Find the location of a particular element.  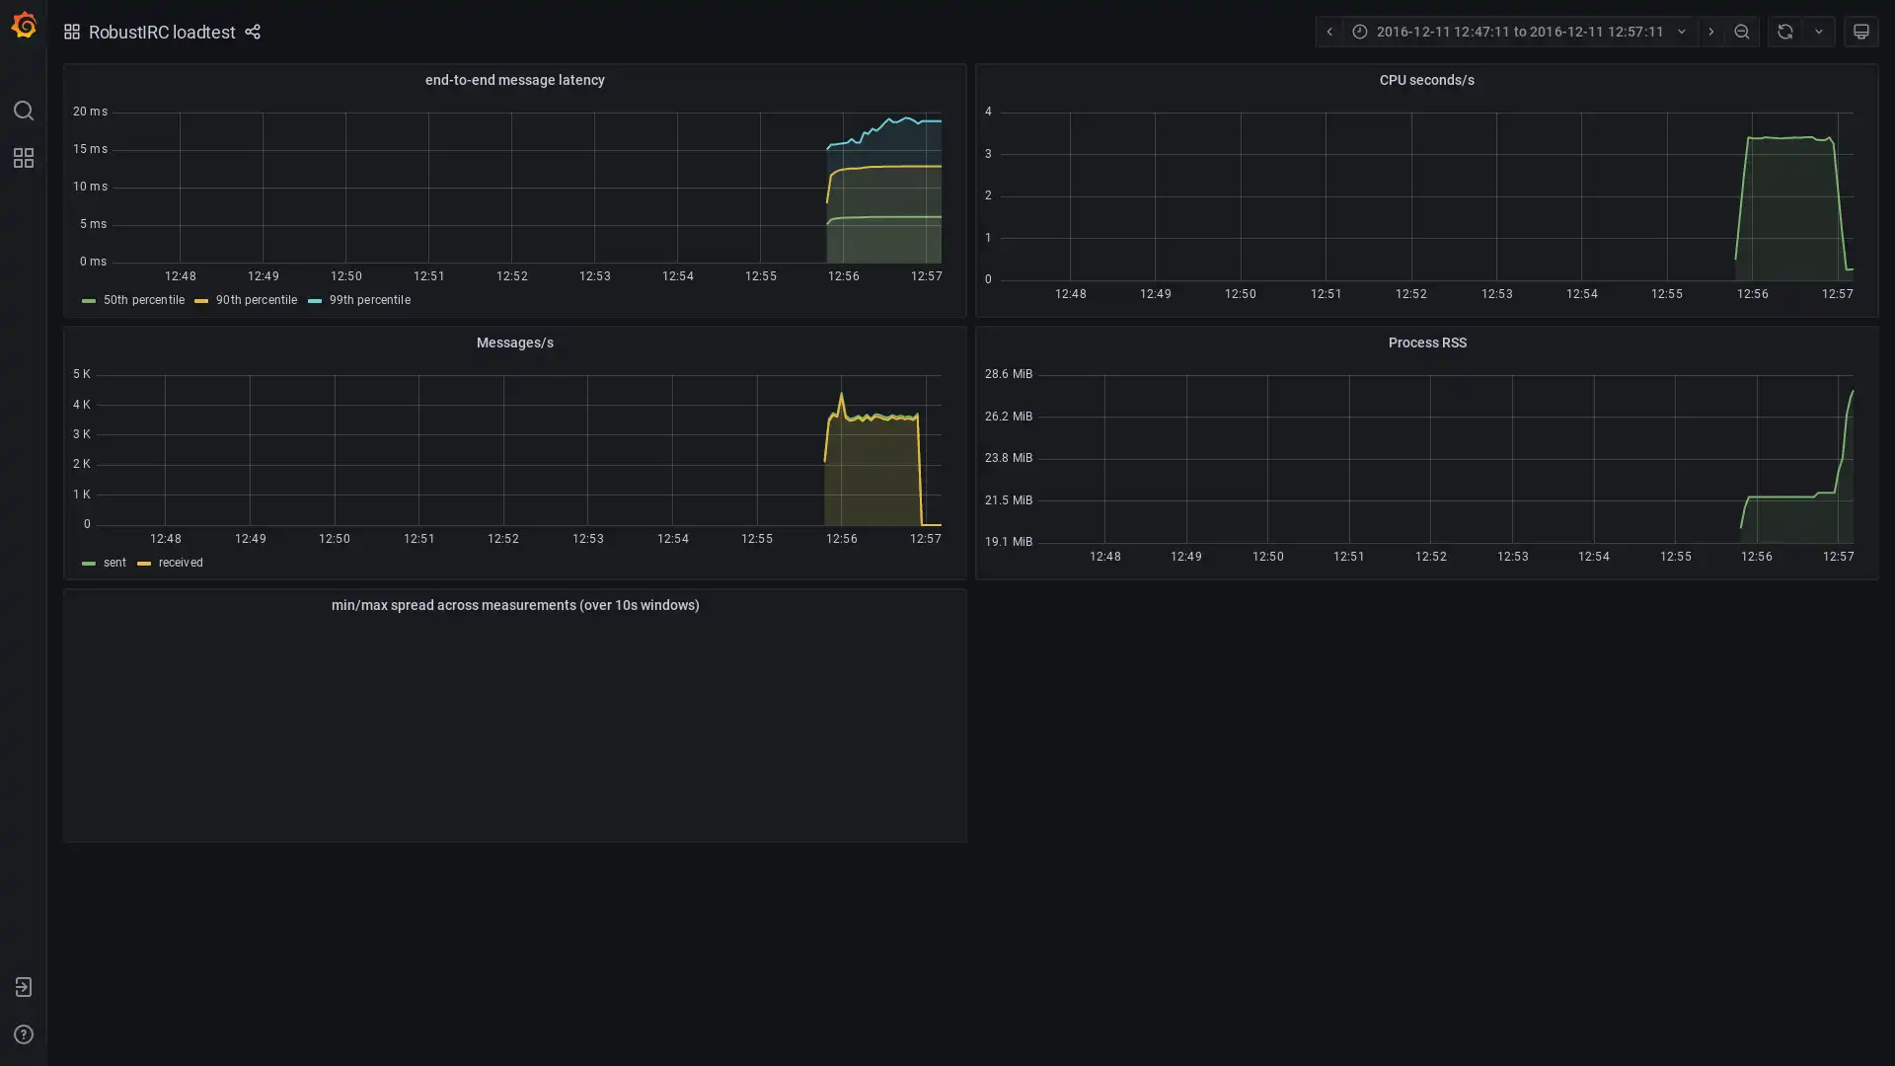

Zoom out time range is located at coordinates (1742, 31).